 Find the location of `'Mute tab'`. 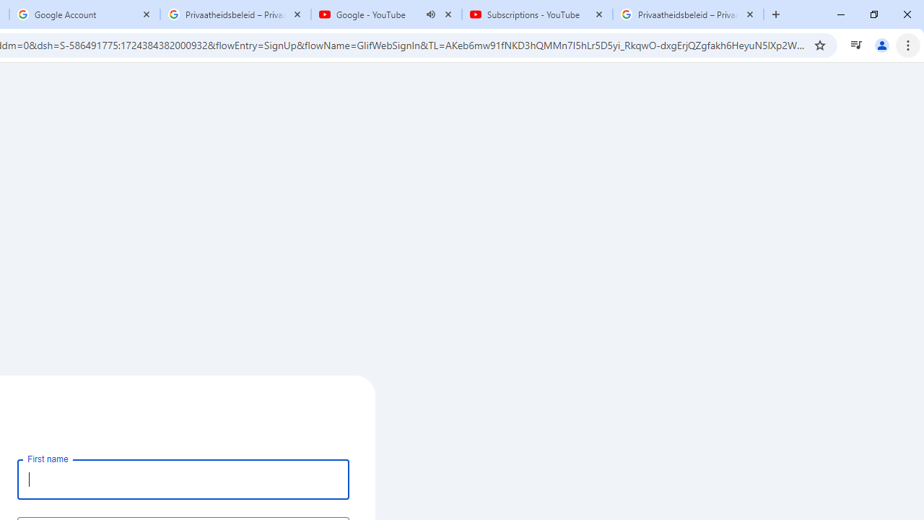

'Mute tab' is located at coordinates (430, 14).